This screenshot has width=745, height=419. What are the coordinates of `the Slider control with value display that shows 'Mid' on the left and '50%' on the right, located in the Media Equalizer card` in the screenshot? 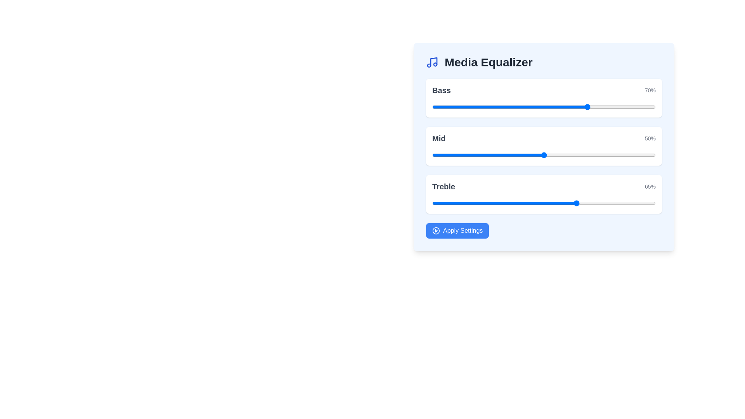 It's located at (543, 146).